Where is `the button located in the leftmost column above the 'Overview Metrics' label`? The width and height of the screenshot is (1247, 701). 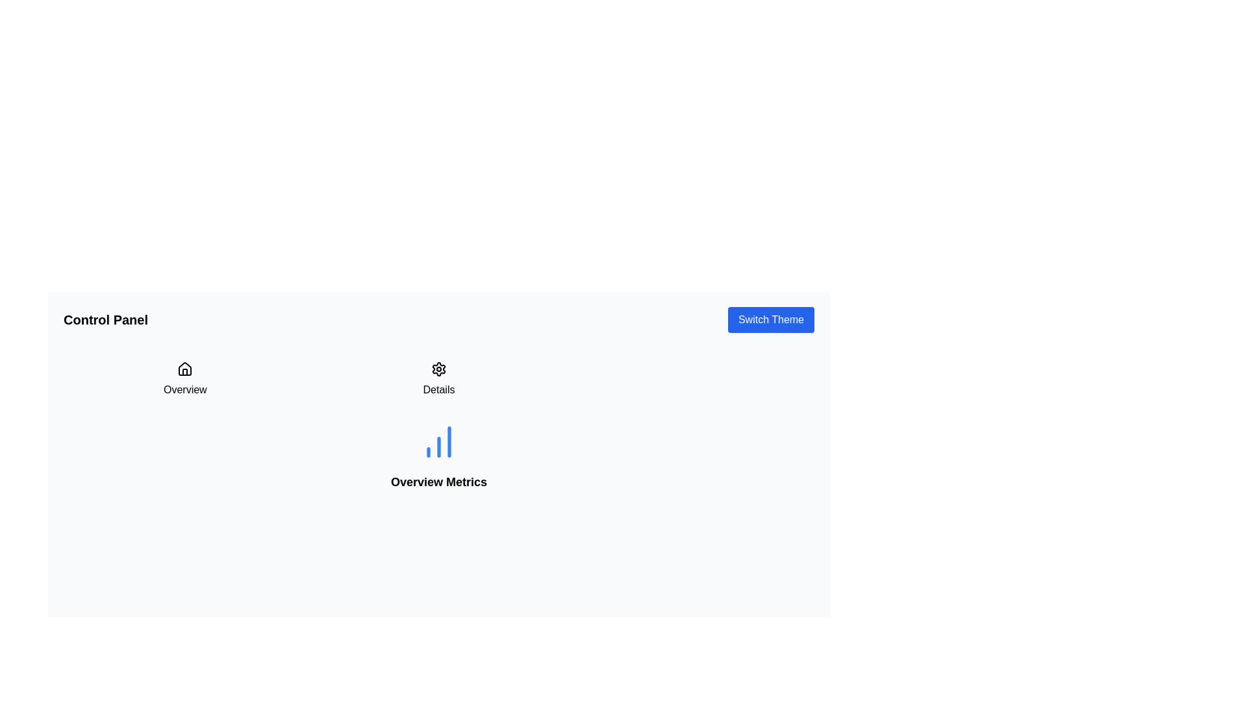
the button located in the leftmost column above the 'Overview Metrics' label is located at coordinates (184, 380).